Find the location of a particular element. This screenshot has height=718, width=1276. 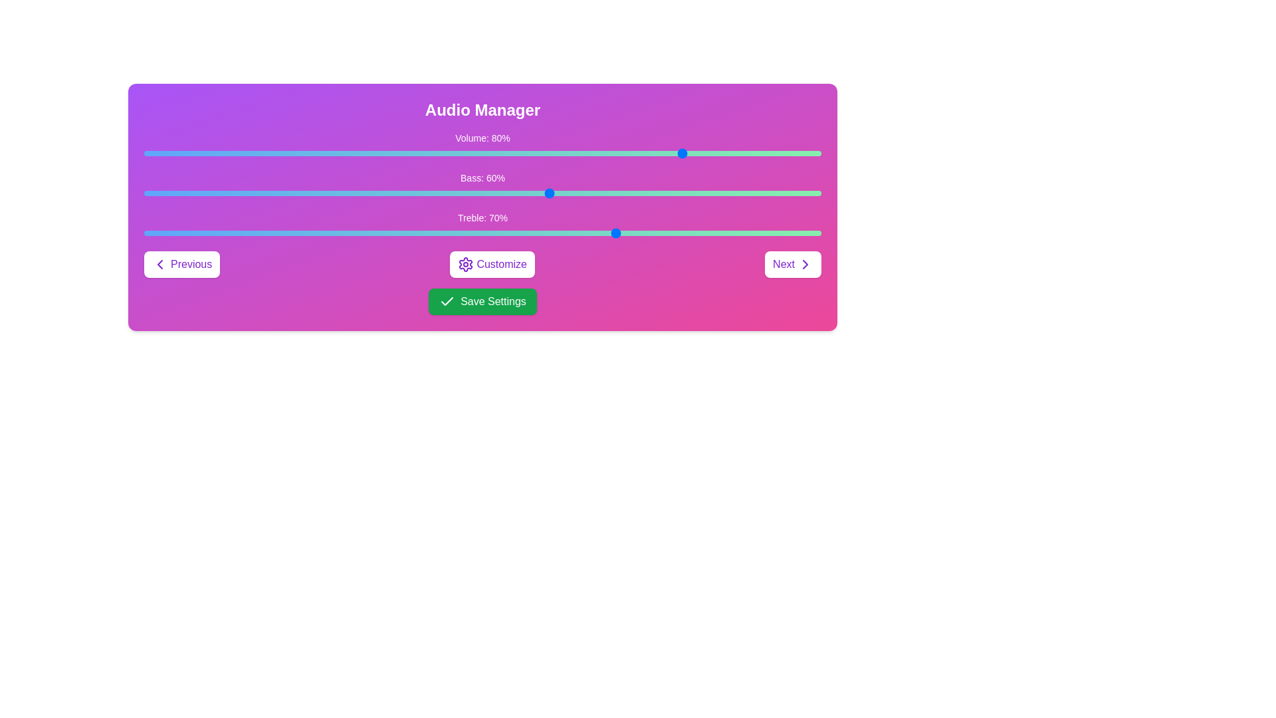

the slider is located at coordinates (299, 233).